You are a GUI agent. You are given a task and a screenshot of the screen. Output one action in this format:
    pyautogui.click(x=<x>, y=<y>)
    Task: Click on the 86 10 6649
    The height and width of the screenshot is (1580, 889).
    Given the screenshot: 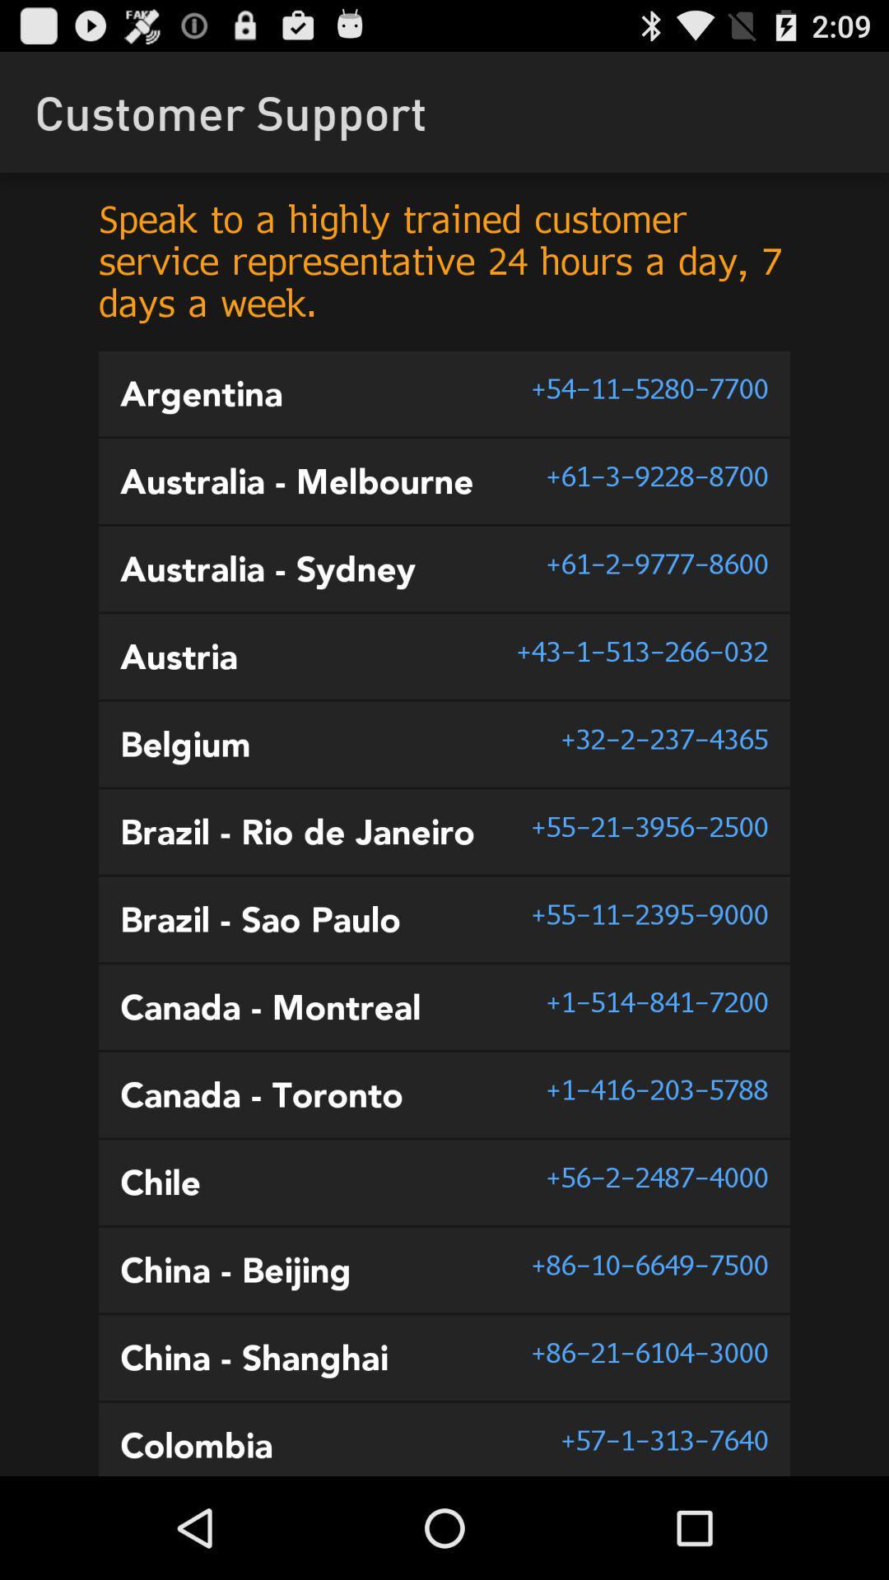 What is the action you would take?
    pyautogui.click(x=649, y=1264)
    